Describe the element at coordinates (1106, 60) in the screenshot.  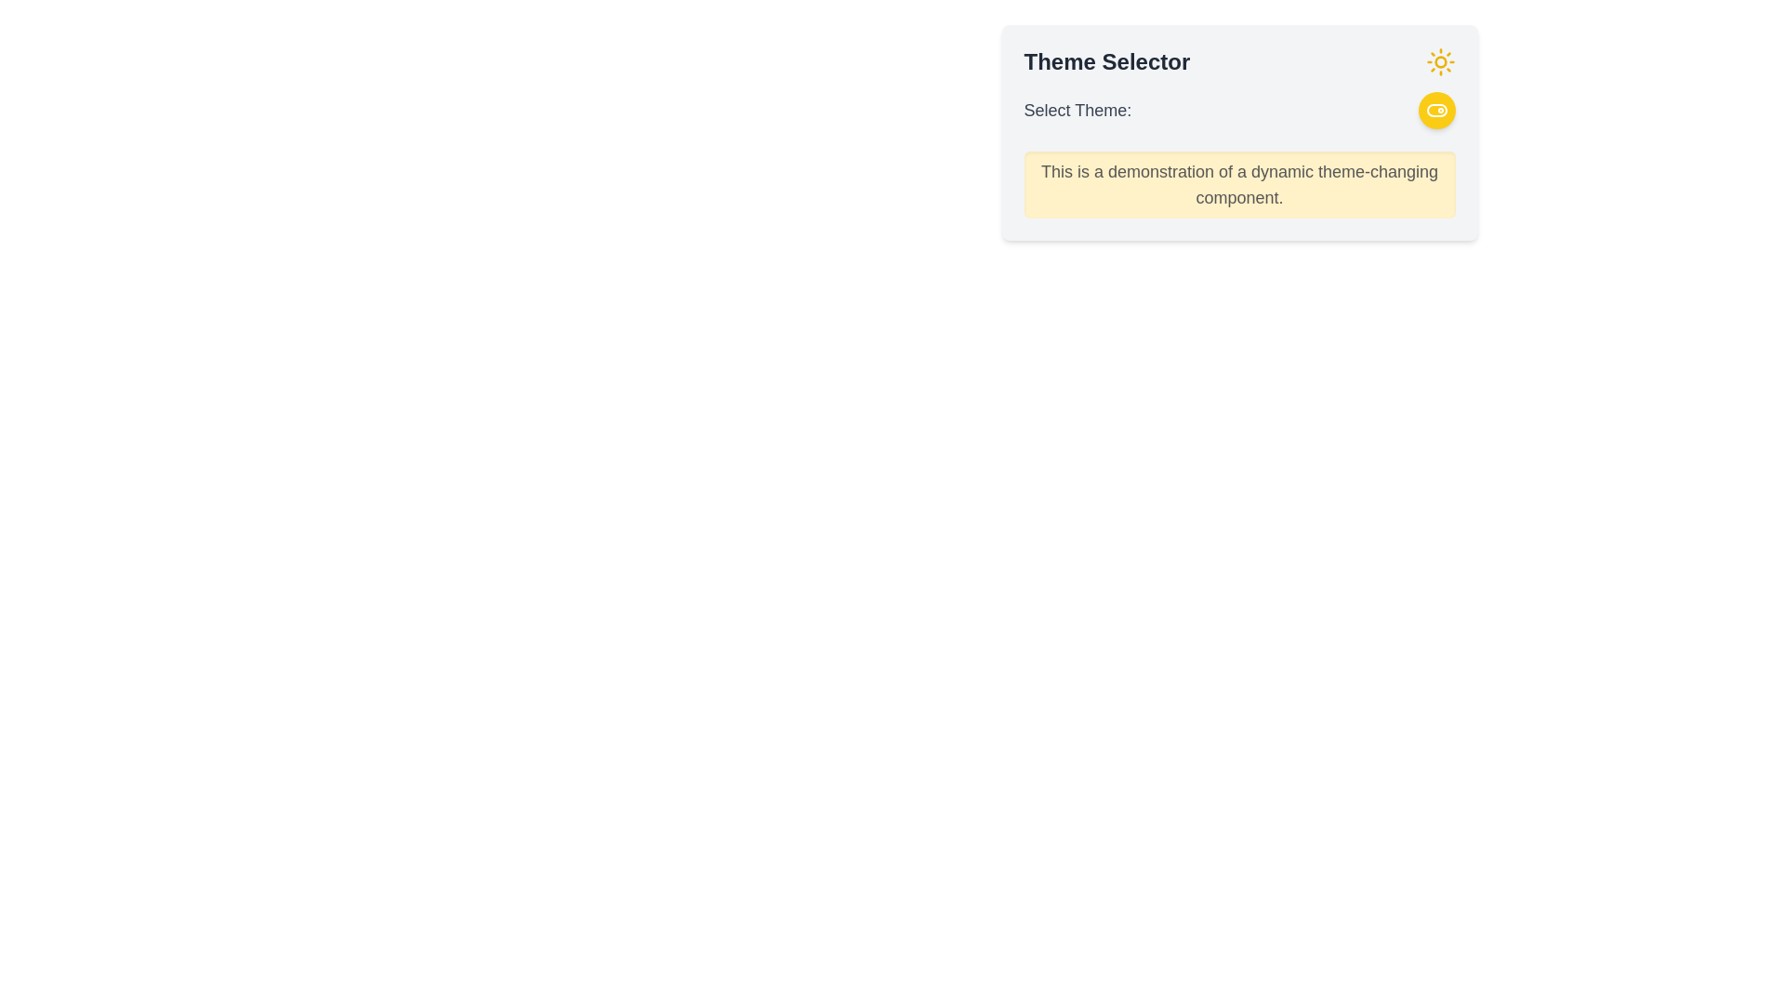
I see `the 'Theme Selector' text label, which is styled with a larger font size and bold weight, located at the top-left corner of the card-like UI group` at that location.